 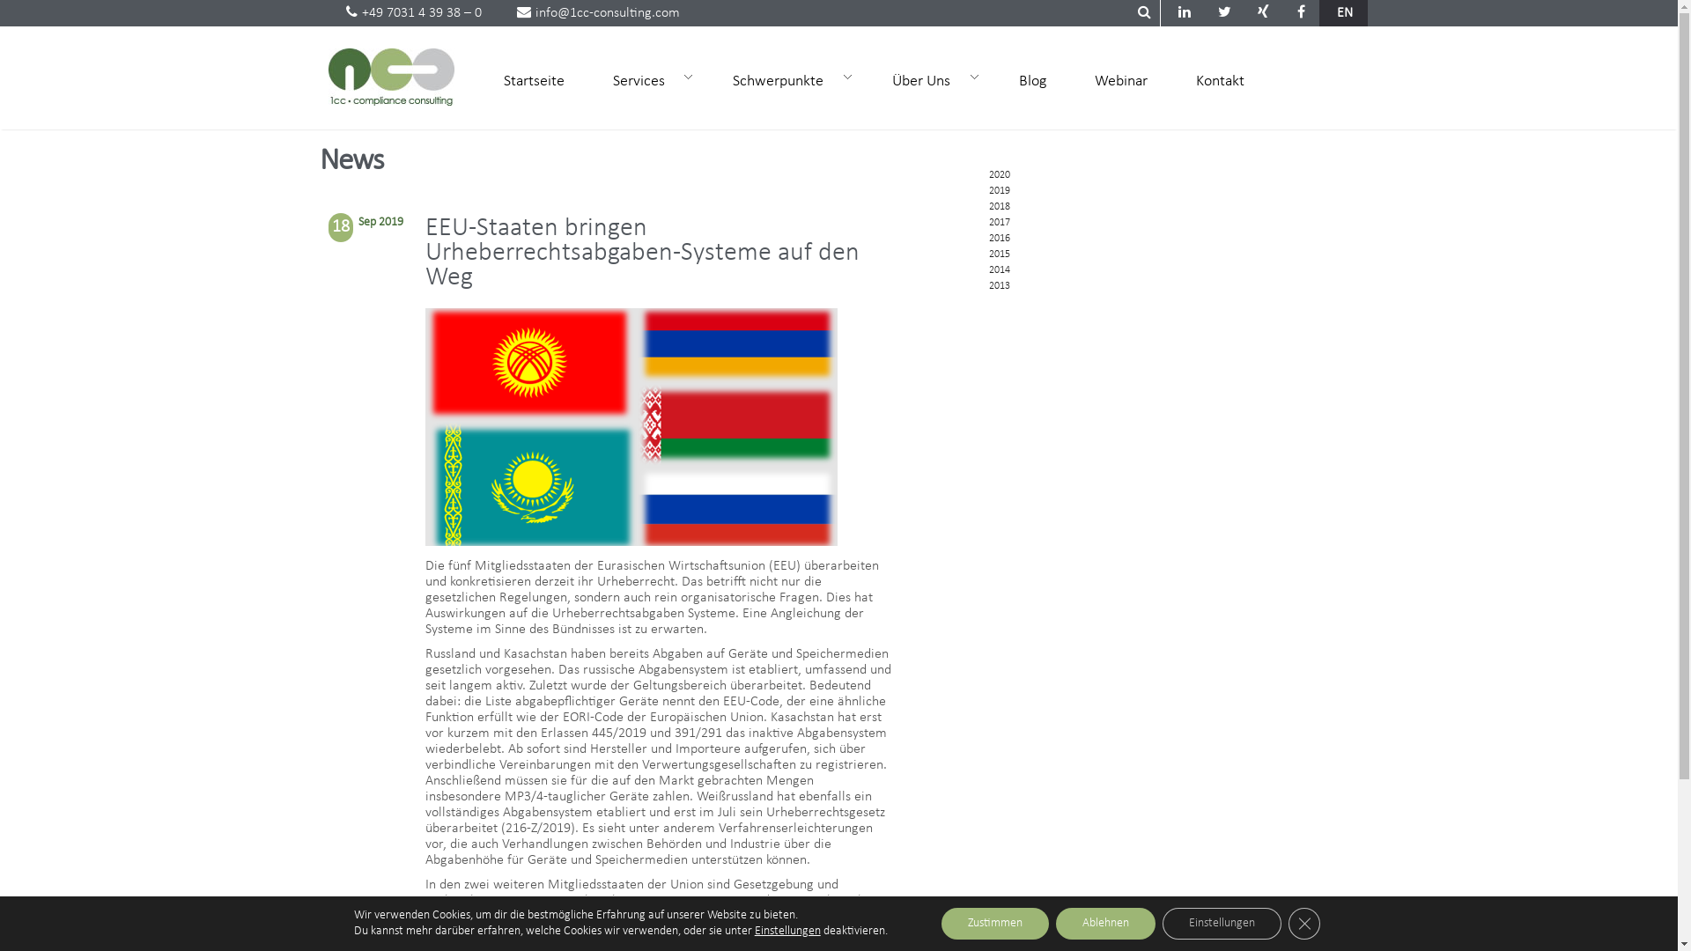 I want to click on '2013', so click(x=988, y=284).